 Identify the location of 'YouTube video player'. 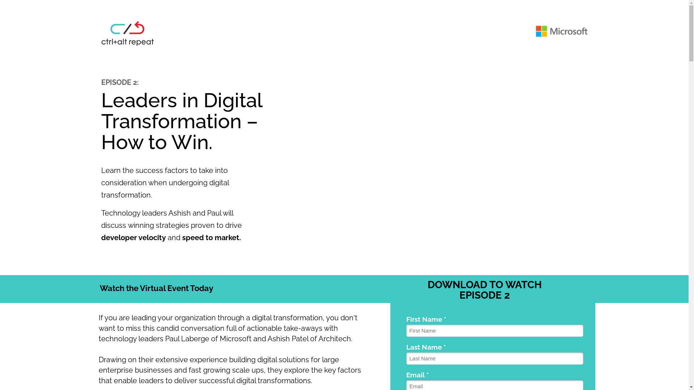
(434, 165).